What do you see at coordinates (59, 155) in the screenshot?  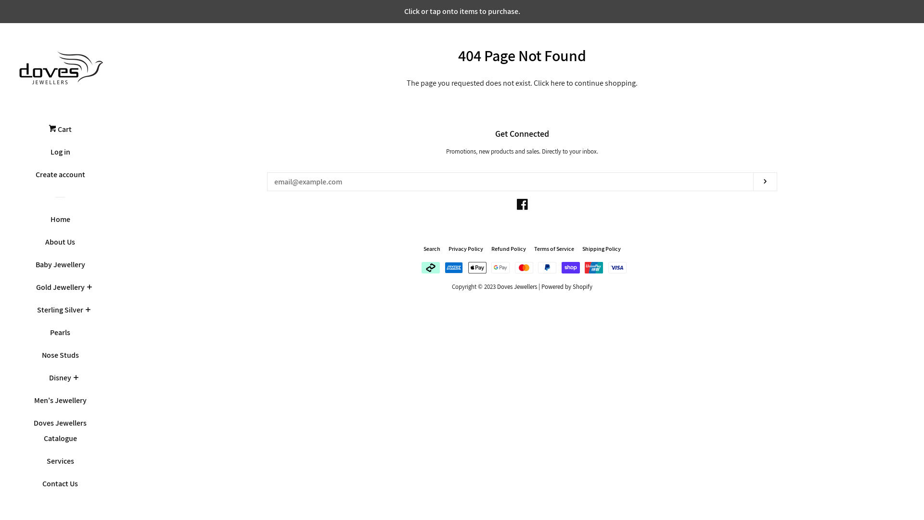 I see `'Log in'` at bounding box center [59, 155].